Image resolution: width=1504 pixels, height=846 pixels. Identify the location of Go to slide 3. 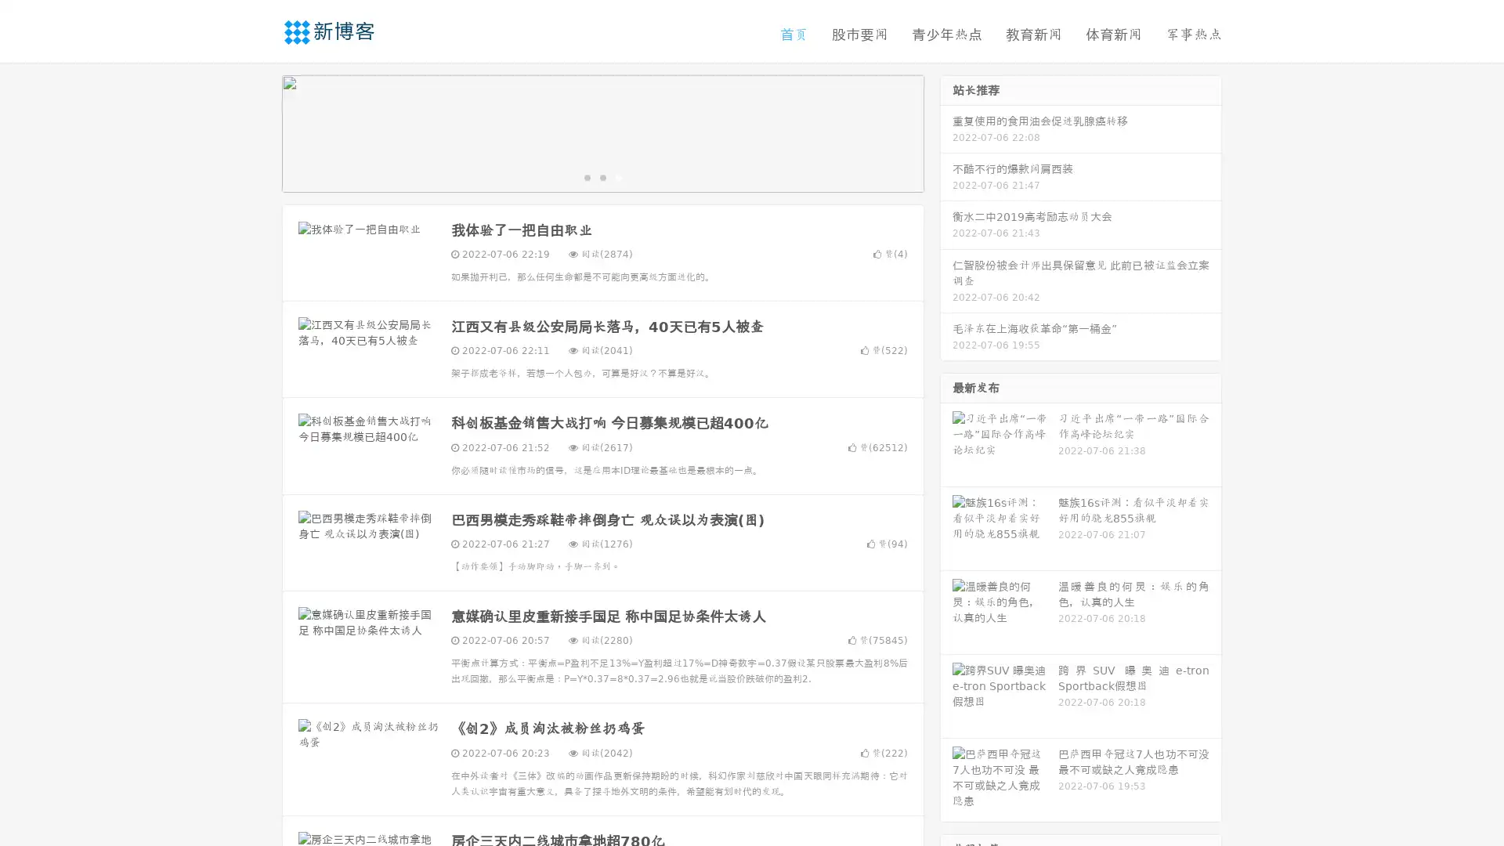
(618, 176).